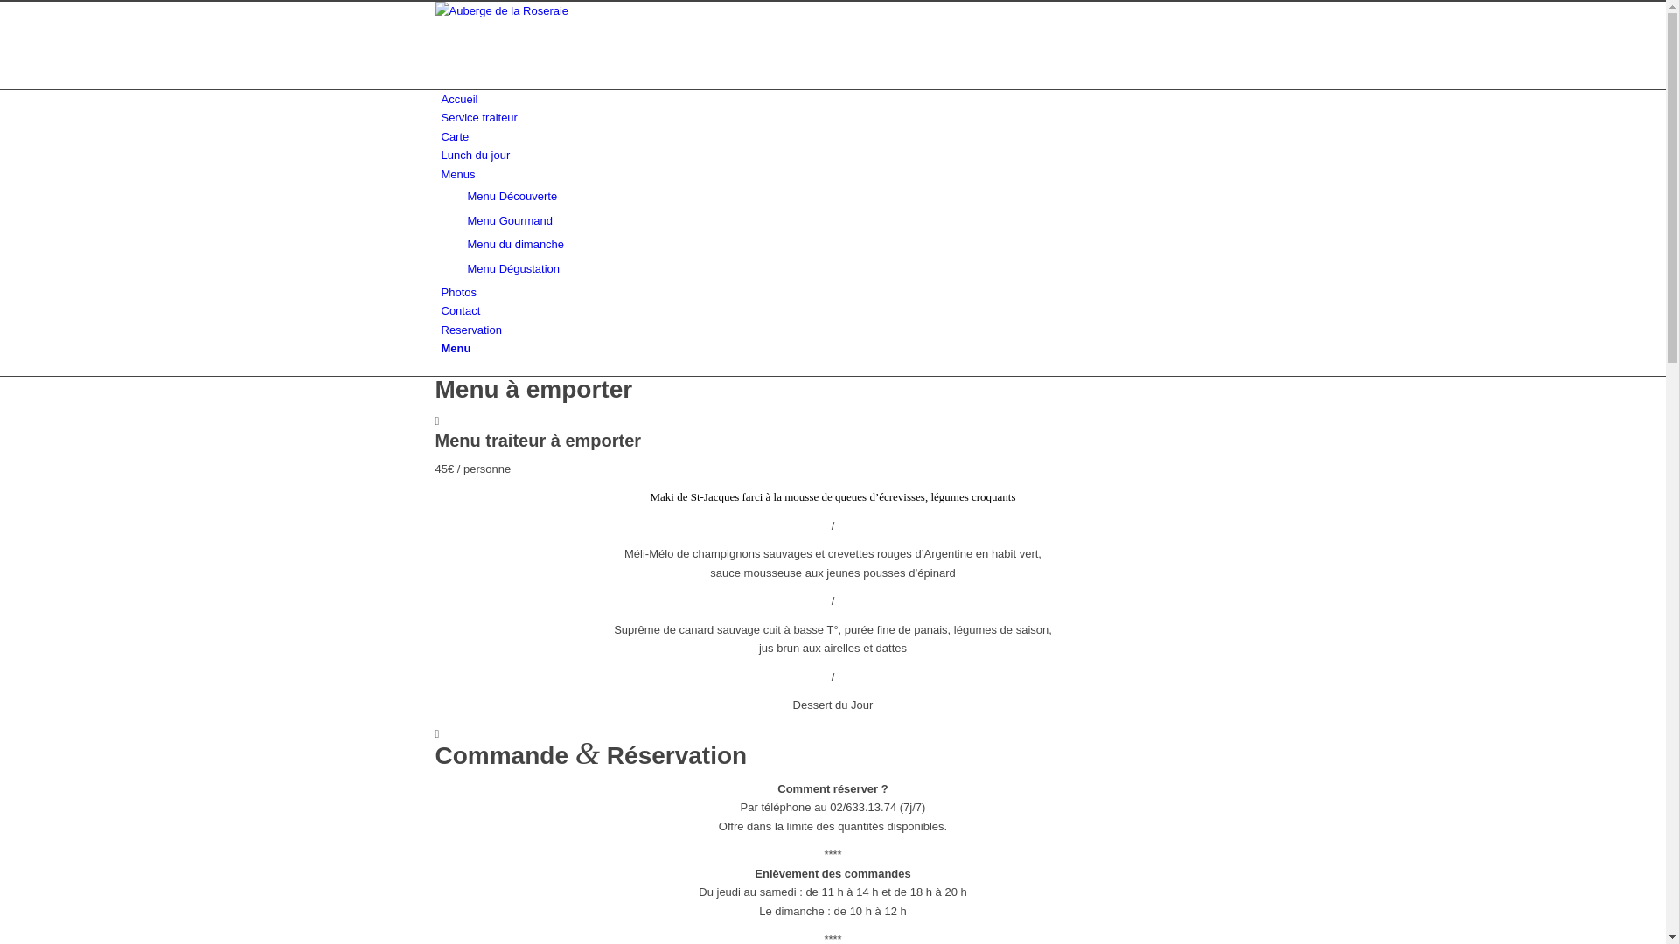  What do you see at coordinates (457, 291) in the screenshot?
I see `'Photos'` at bounding box center [457, 291].